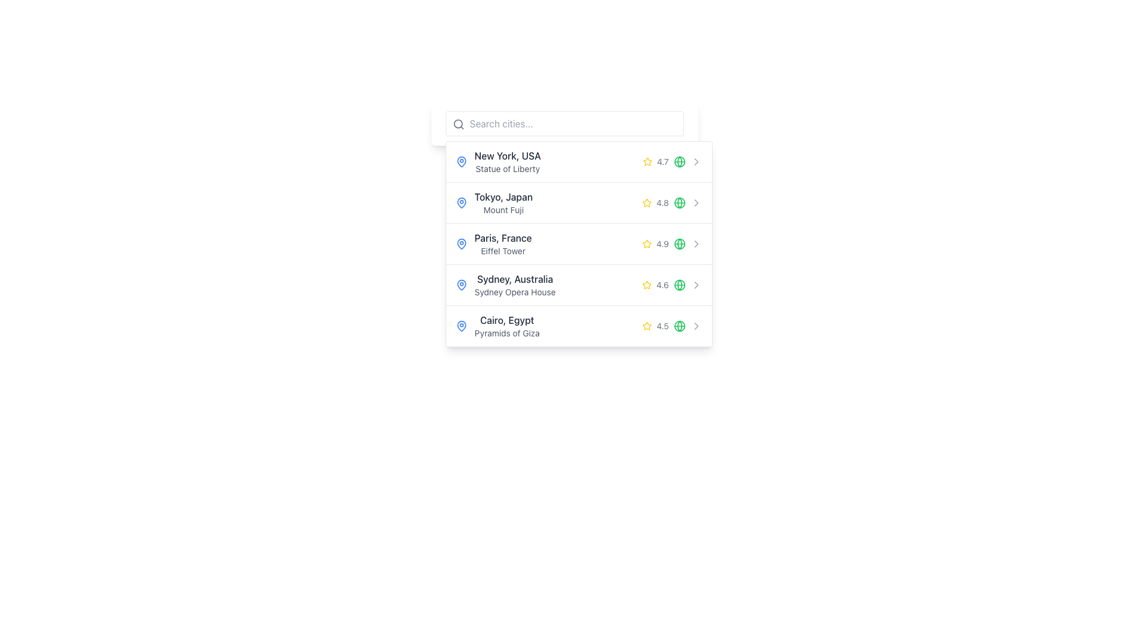 This screenshot has height=643, width=1144. I want to click on the text element displaying 'Cairo, Egypt' in bold and larger font, which is the fifth entry in the list, for interaction, so click(507, 326).